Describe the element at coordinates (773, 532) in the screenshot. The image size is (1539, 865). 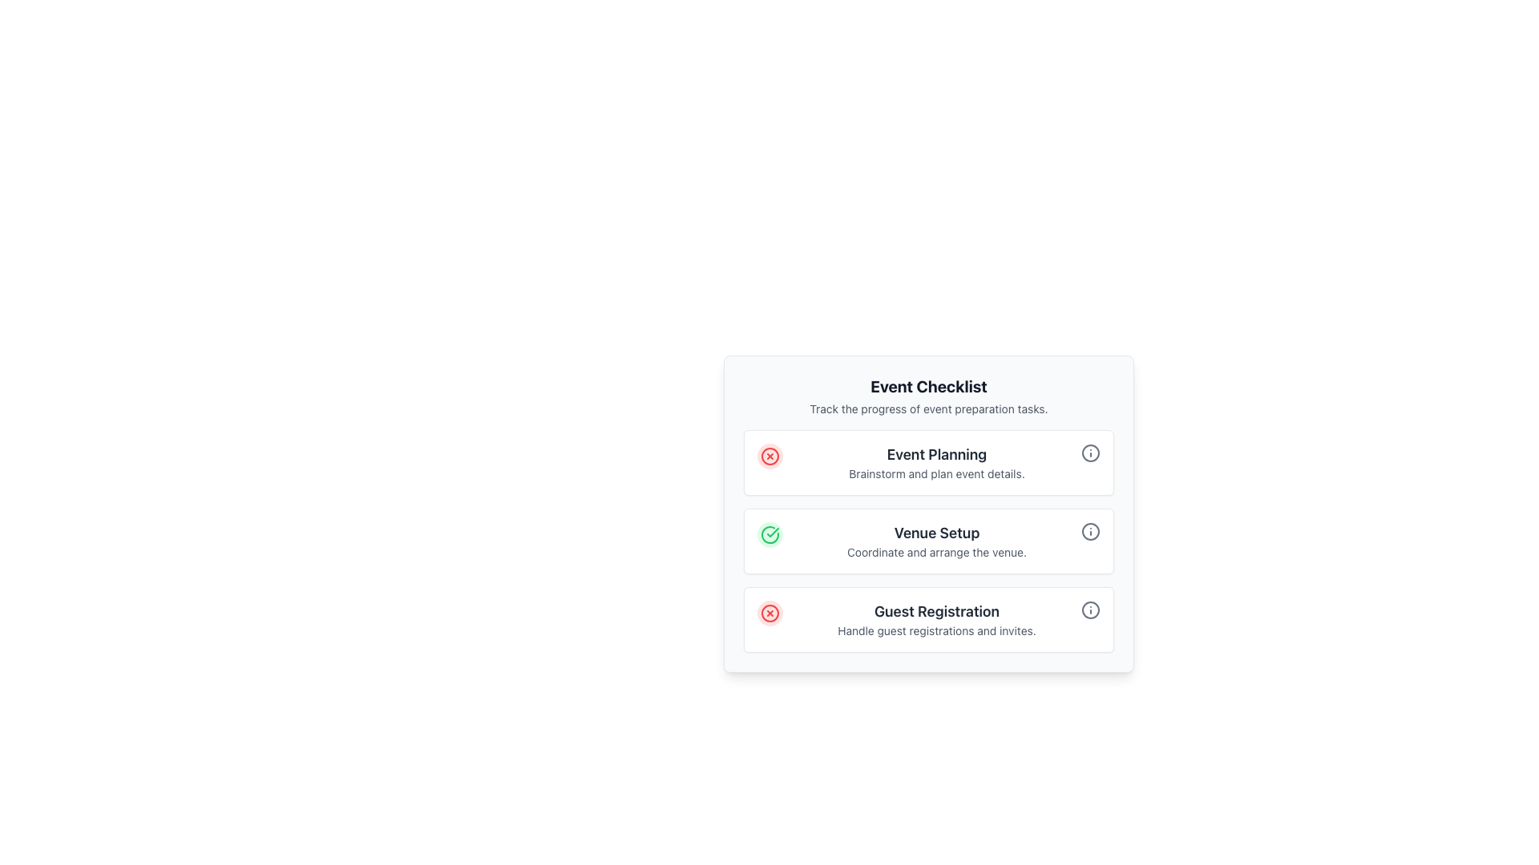
I see `the SVG Icon indicating 'Venue Setup' completion, located to the left of the text 'Venue Setup'` at that location.